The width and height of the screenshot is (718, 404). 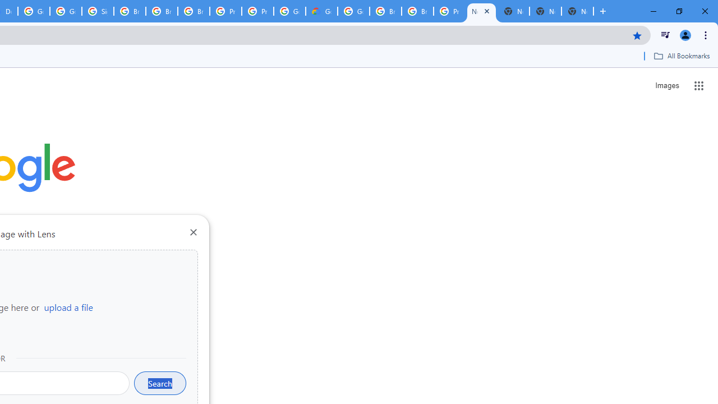 What do you see at coordinates (417, 11) in the screenshot?
I see `'Browse Chrome as a guest - Computer - Google Chrome Help'` at bounding box center [417, 11].